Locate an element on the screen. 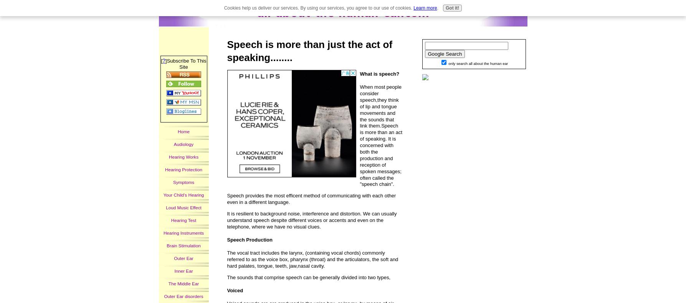 This screenshot has width=686, height=303. 'It is resilient to background noise, interference and distortion. We can usually understand speech despite different voices or accents and even on the telephone, where we have no visual clues.' is located at coordinates (312, 220).